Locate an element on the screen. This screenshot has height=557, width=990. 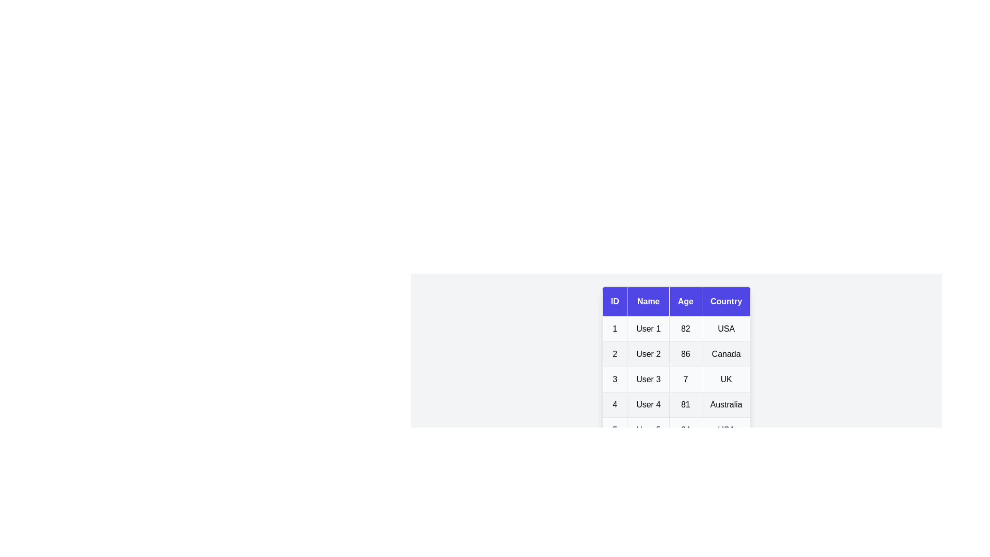
the Name header to sort the table is located at coordinates (648, 302).